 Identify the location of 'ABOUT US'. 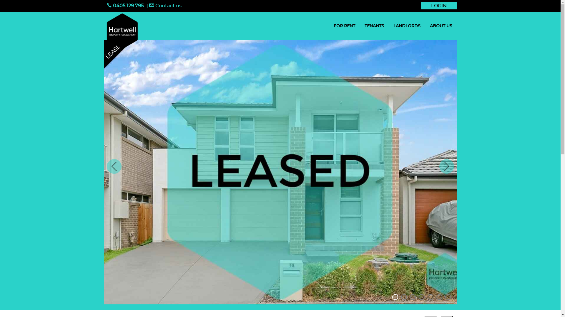
(425, 26).